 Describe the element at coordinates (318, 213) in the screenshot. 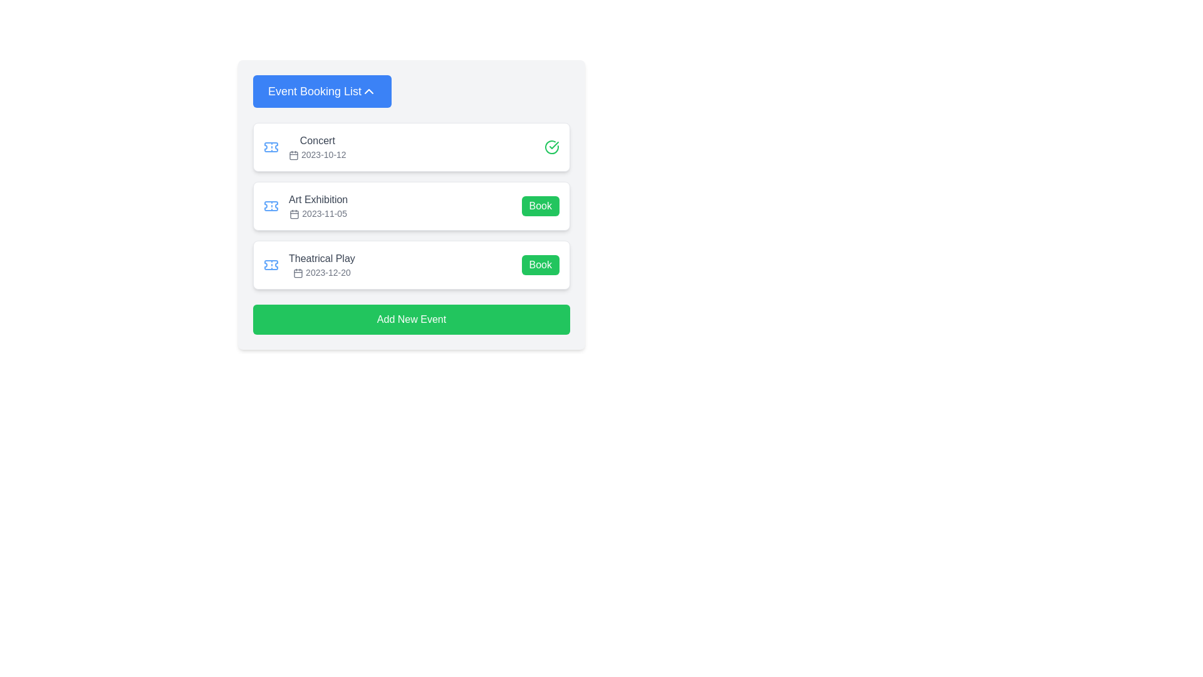

I see `text from the Date label that indicates the scheduled date for the event titled 'Art Exhibition', which is visually represented with a calendar icon and is positioned below the event title` at that location.